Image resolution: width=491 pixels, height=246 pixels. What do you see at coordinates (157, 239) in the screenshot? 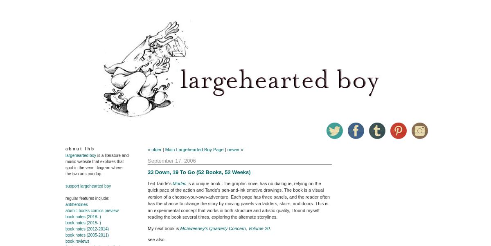
I see `'see also:'` at bounding box center [157, 239].